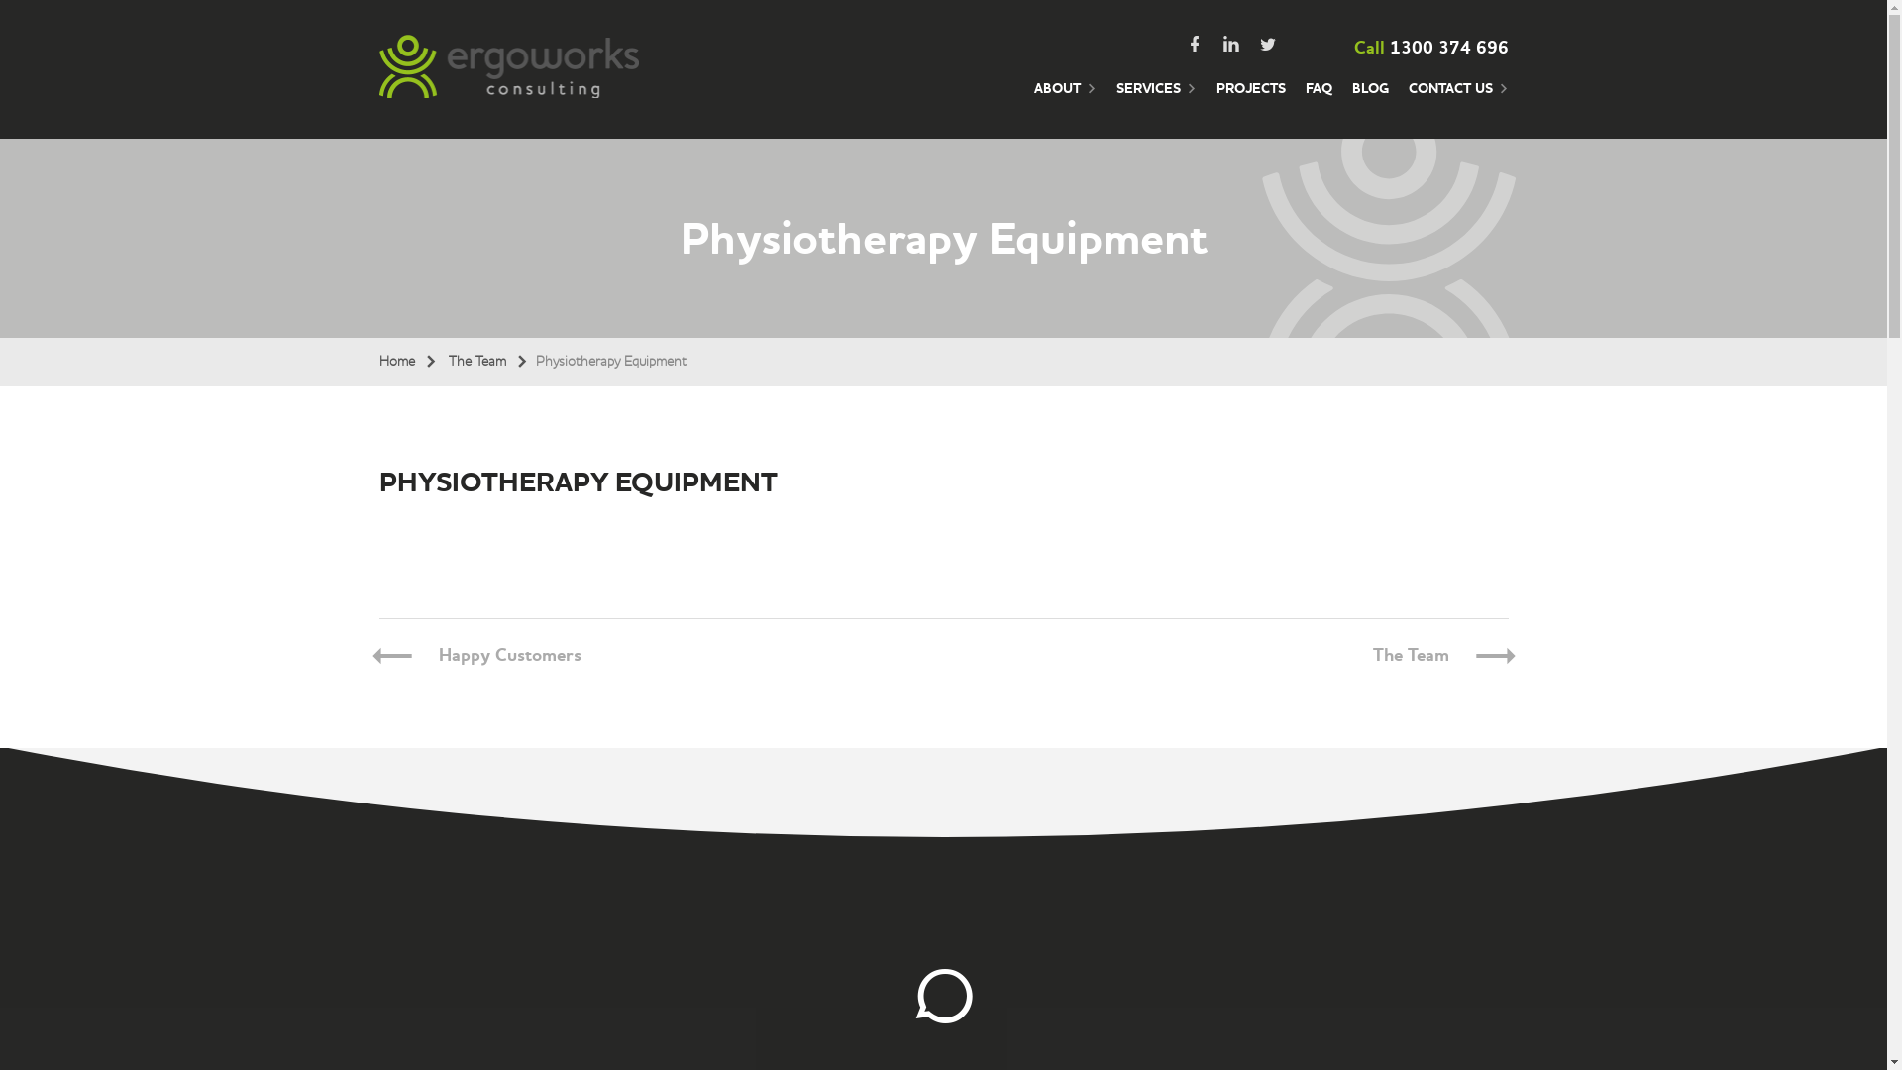 The width and height of the screenshot is (1902, 1070). Describe the element at coordinates (1319, 99) in the screenshot. I see `'FAQ'` at that location.